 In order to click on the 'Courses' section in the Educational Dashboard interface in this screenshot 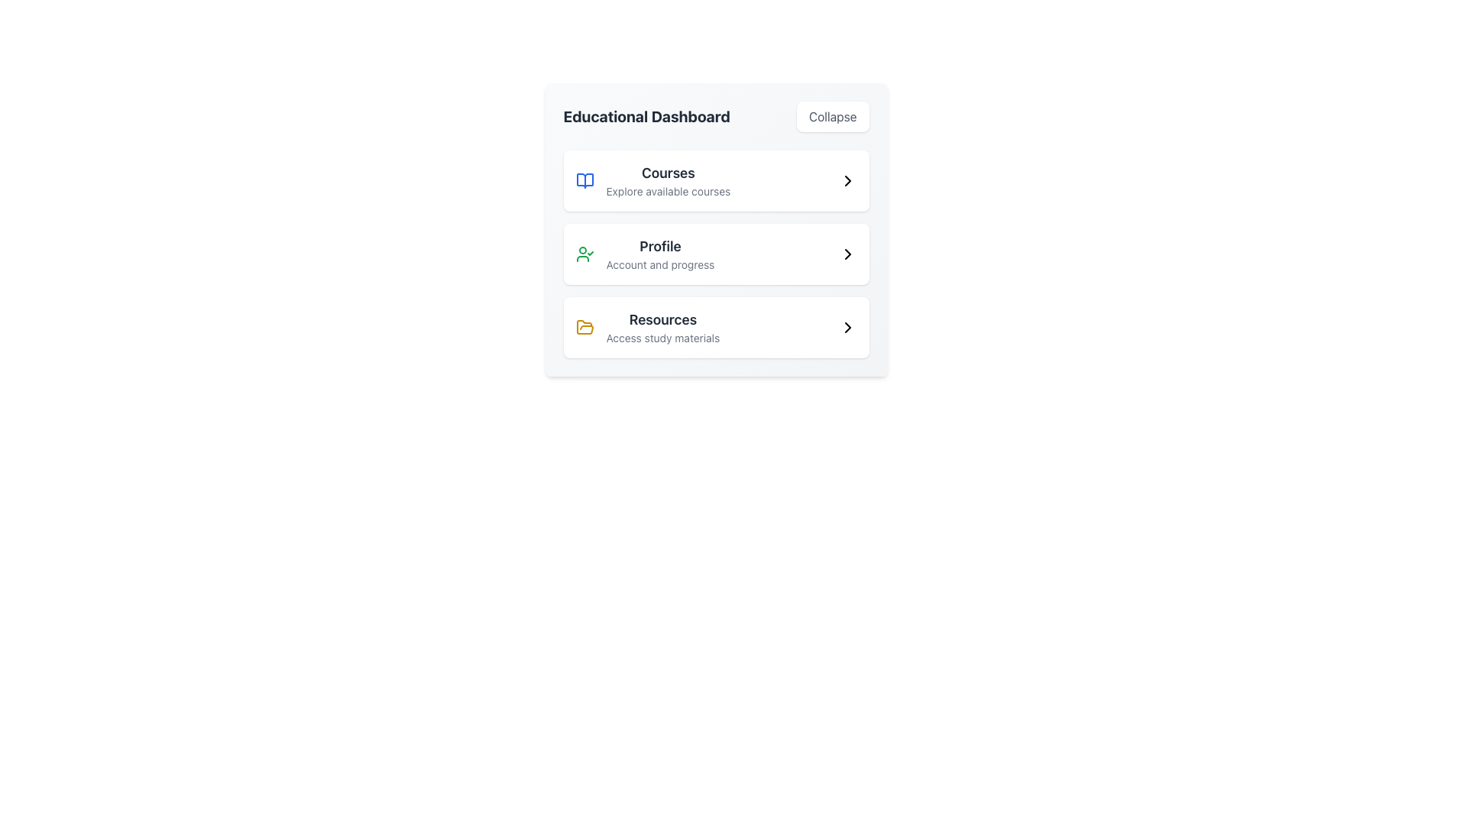, I will do `click(715, 180)`.